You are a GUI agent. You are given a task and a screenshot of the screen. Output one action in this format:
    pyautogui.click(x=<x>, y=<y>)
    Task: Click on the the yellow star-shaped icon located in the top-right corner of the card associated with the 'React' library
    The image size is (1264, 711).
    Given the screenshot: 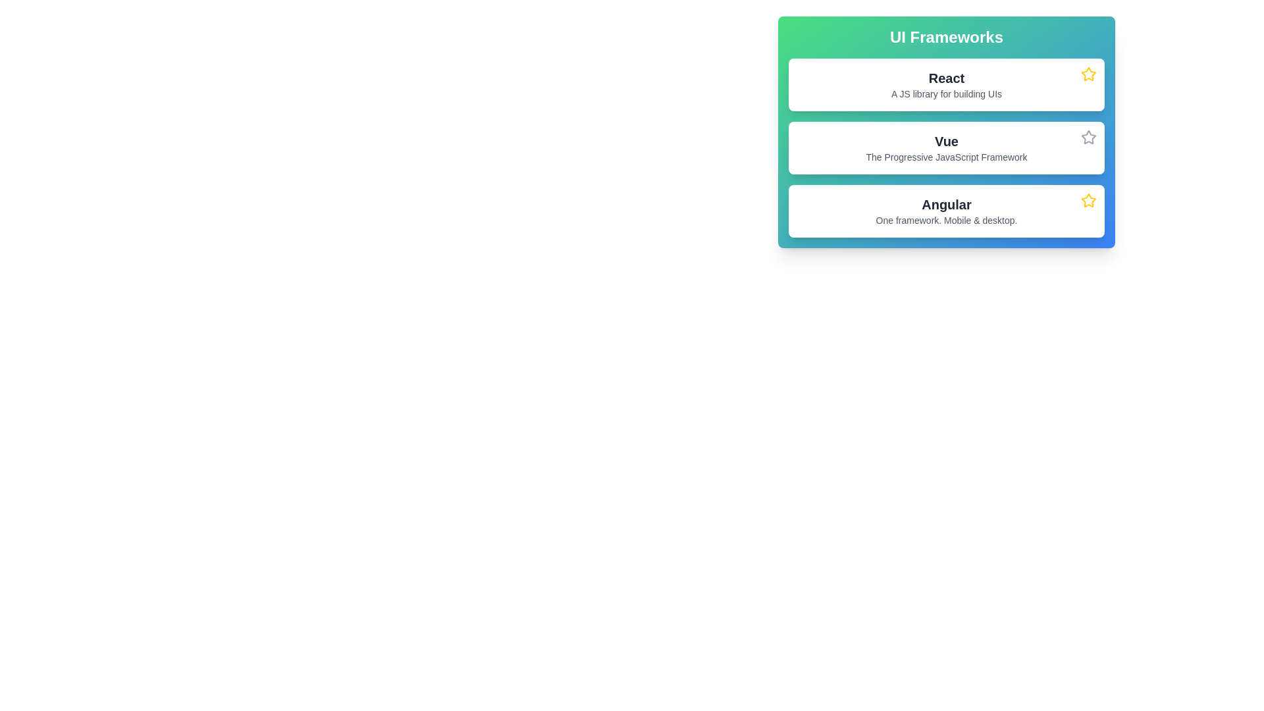 What is the action you would take?
    pyautogui.click(x=1089, y=74)
    